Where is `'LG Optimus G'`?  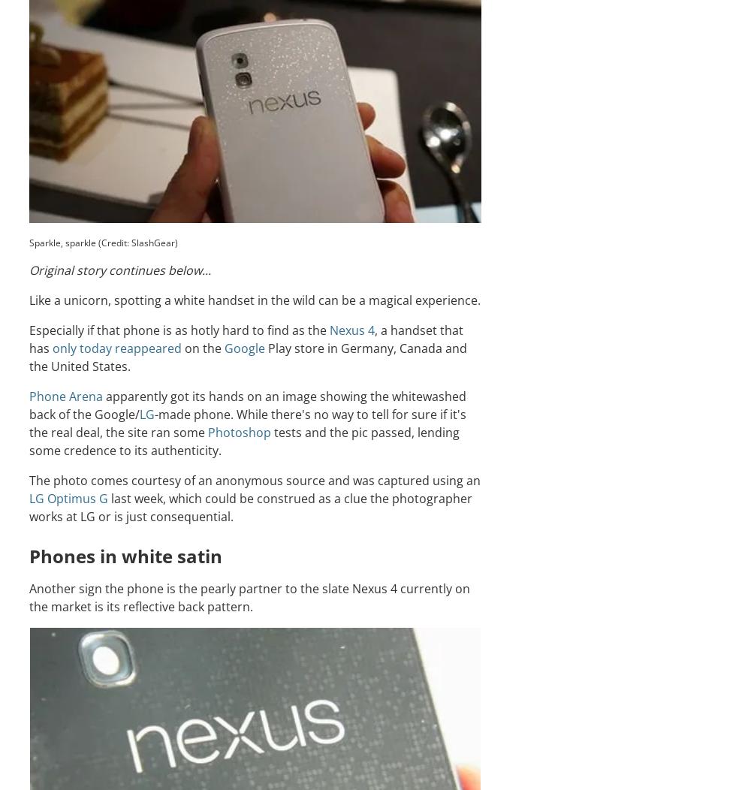
'LG Optimus G' is located at coordinates (68, 496).